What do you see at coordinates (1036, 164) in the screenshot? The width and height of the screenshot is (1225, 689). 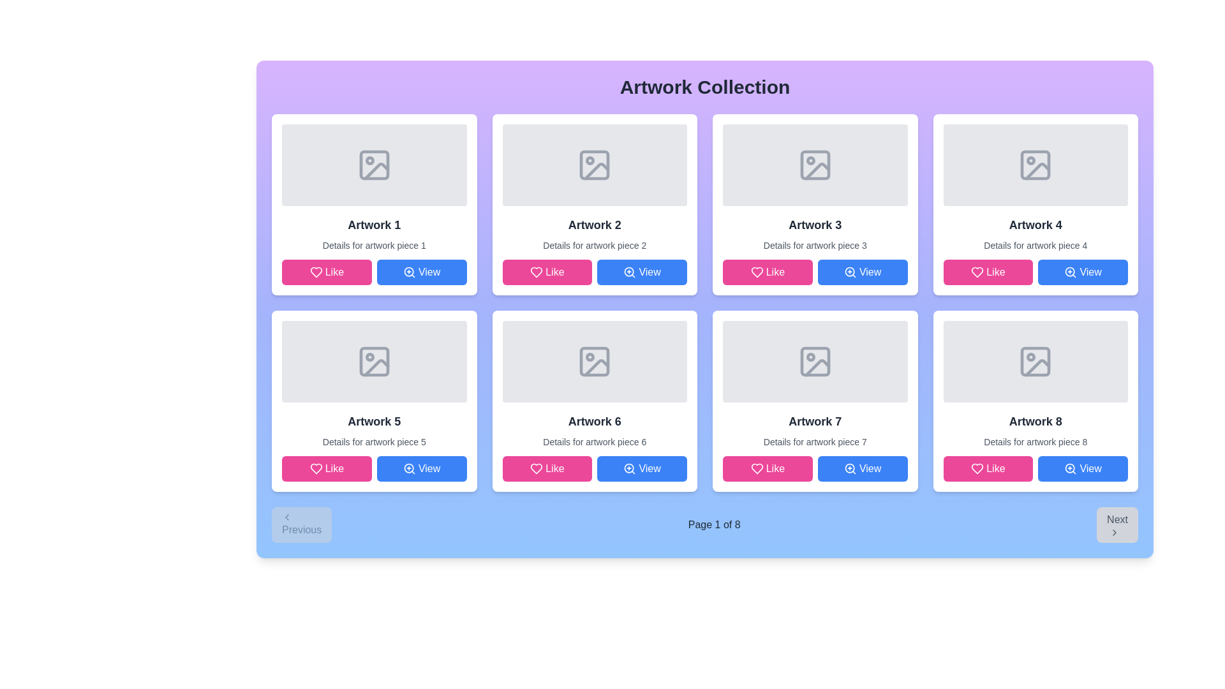 I see `and drop the Graphic icon (SVG element) located in the fourth position of the first row of the grid layout, labeled 'Artwork 4'` at bounding box center [1036, 164].